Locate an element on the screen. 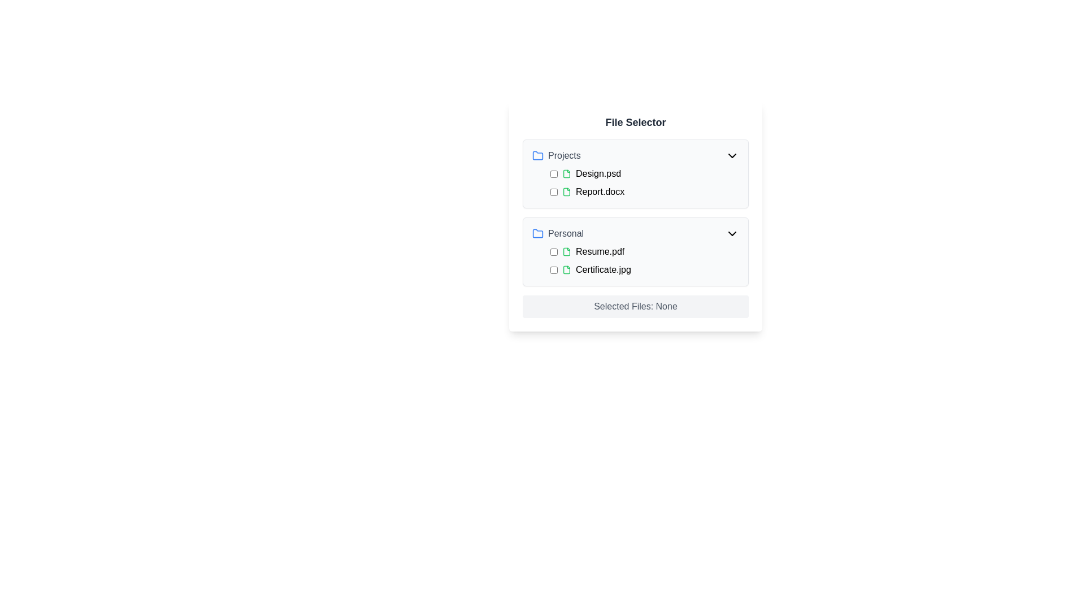 The width and height of the screenshot is (1085, 610). the small square checkbox located to the left of the text label 'Report.docx' in the 'Projects' section is located at coordinates (554, 191).